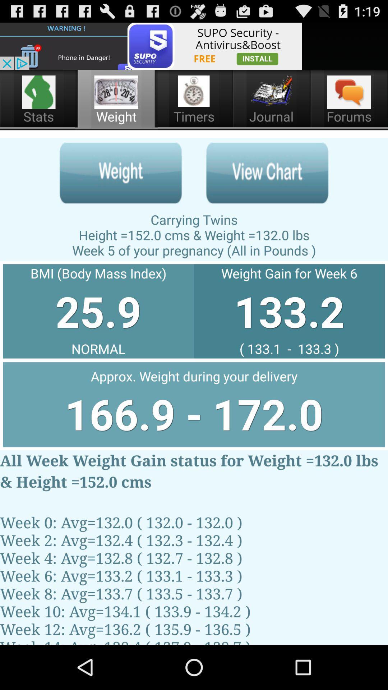 The height and width of the screenshot is (690, 388). Describe the element at coordinates (120, 173) in the screenshot. I see `opsion` at that location.